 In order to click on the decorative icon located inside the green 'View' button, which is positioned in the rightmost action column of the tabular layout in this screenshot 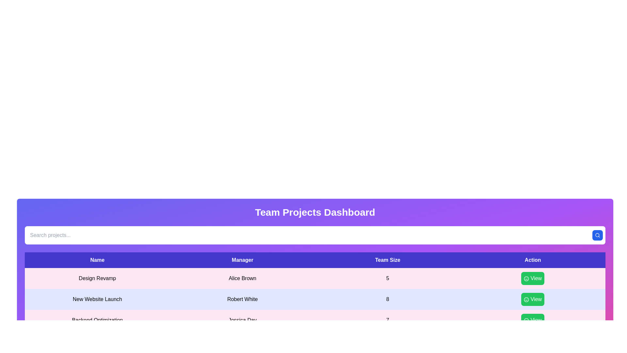, I will do `click(526, 299)`.